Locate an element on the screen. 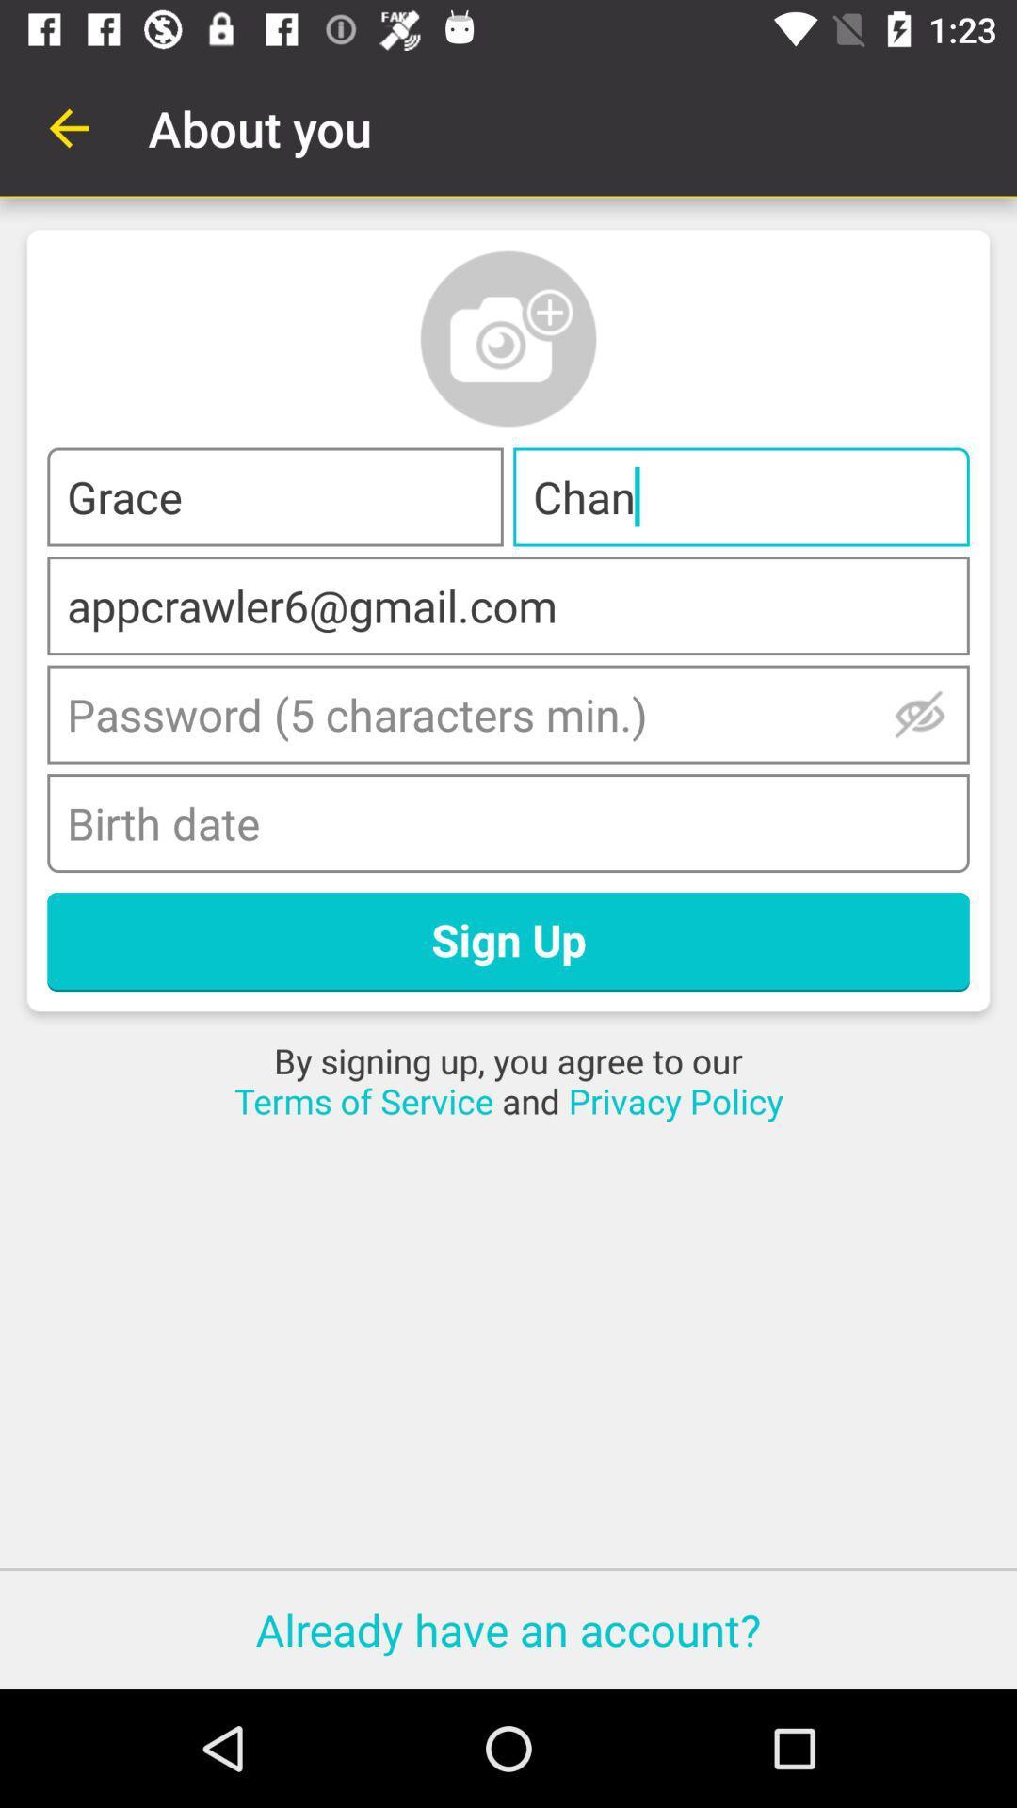 Image resolution: width=1017 pixels, height=1808 pixels. password is located at coordinates (919, 713).